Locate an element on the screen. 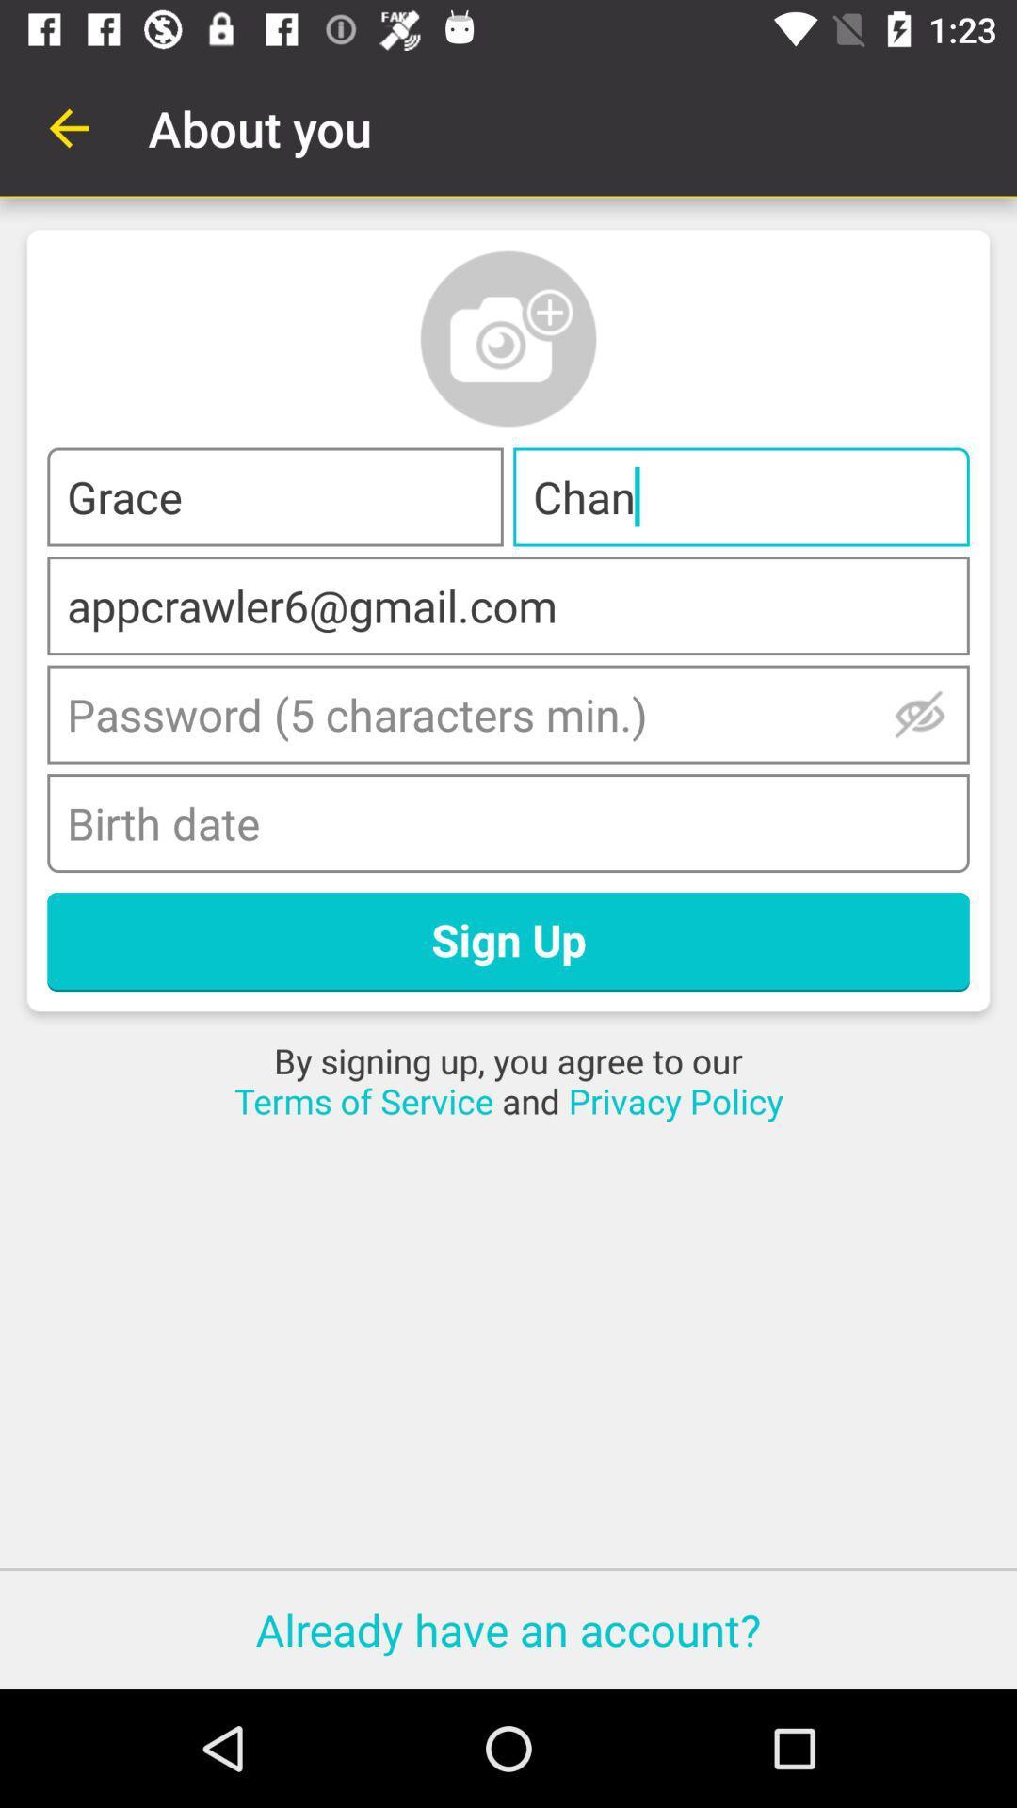 Image resolution: width=1017 pixels, height=1808 pixels. password is located at coordinates (919, 713).